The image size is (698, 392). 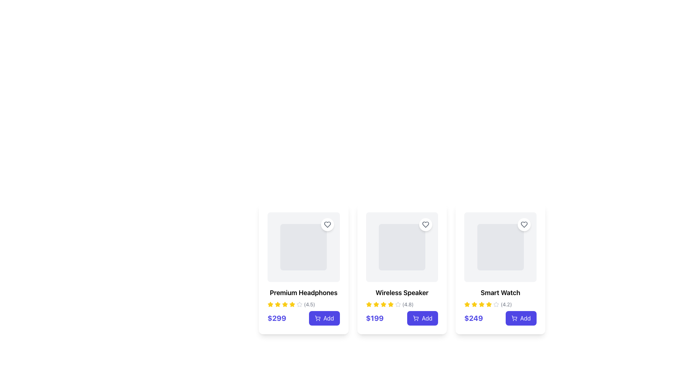 What do you see at coordinates (376, 304) in the screenshot?
I see `the second star icon representing the rating for the 'Wireless Speaker' product, which visually indicates user feedback or quality scoring` at bounding box center [376, 304].